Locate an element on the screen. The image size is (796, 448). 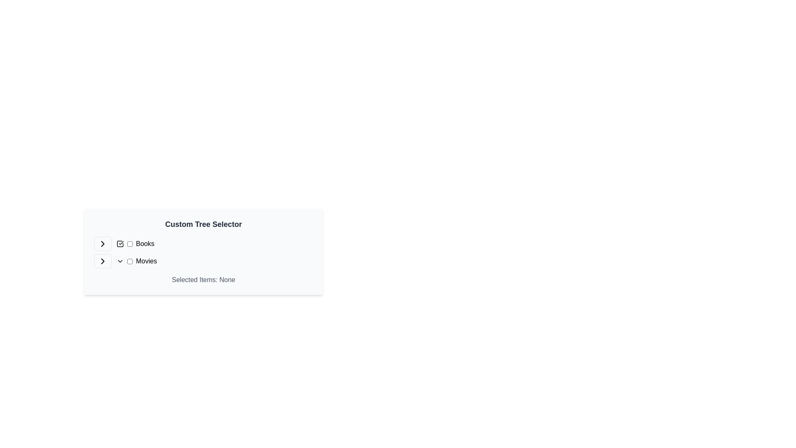
the rightward-pointing chevron arrow icon that is positioned to the left of the 'Movies' label and its checkbox is located at coordinates (102, 261).